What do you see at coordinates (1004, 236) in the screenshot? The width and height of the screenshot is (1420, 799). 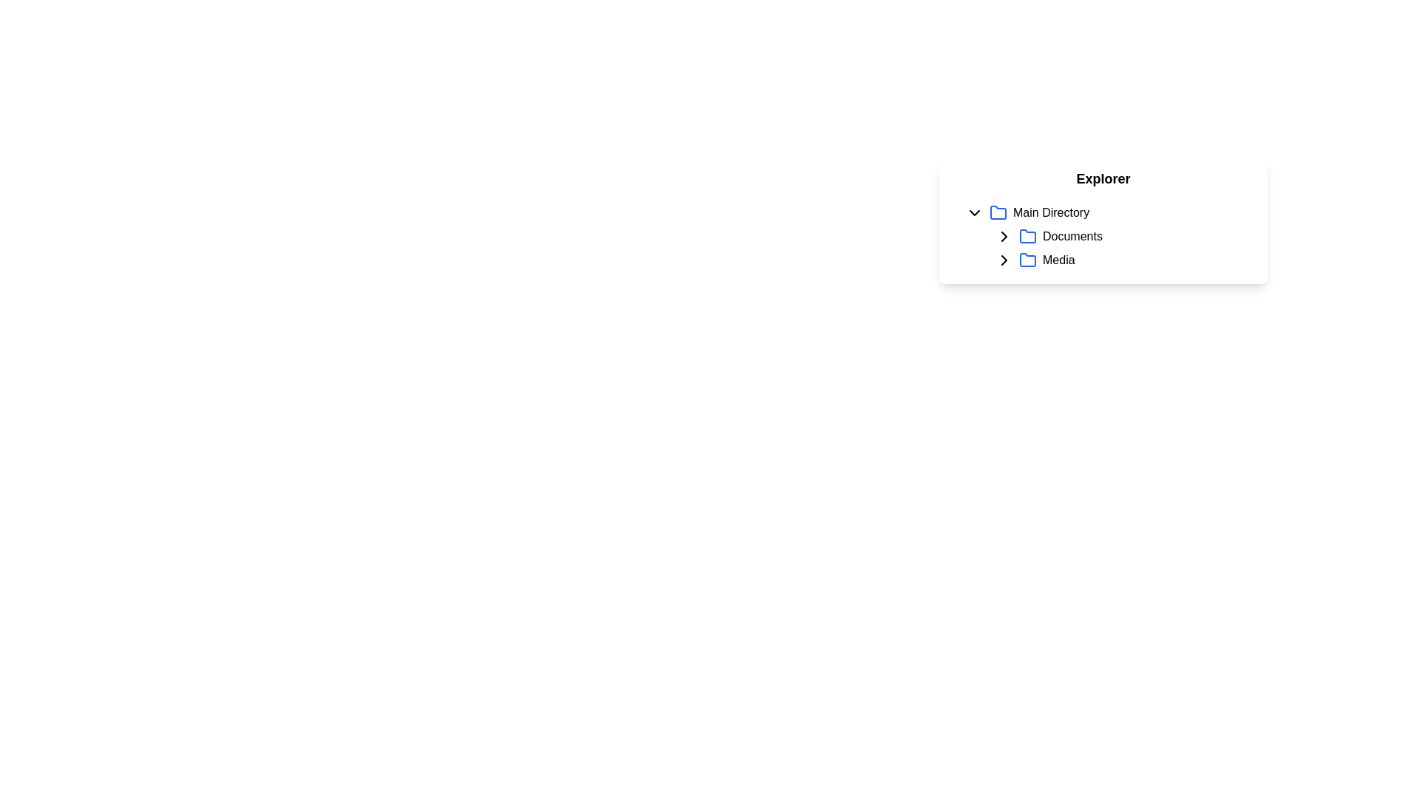 I see `the rightward-pointing chevron icon, which is a hollow arrow styled with a thin stroke, located next to the 'Documents' folder label in the Explorer list` at bounding box center [1004, 236].